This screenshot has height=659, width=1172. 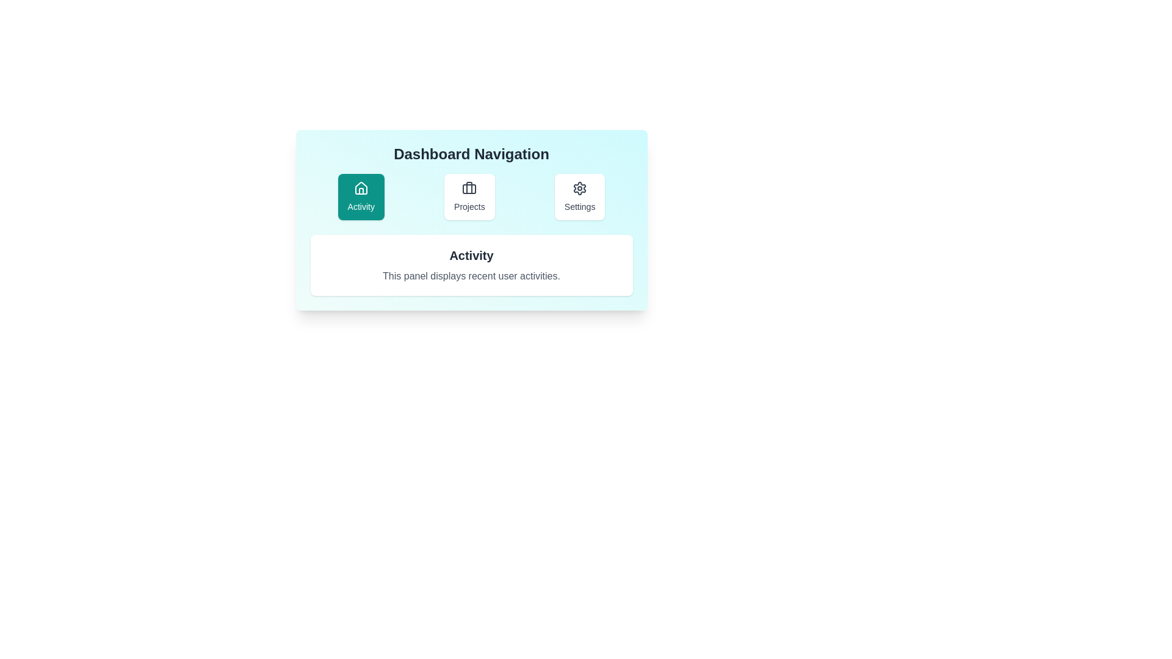 I want to click on the middle navigation button in the 'Dashboard Navigation' panel, so click(x=469, y=196).